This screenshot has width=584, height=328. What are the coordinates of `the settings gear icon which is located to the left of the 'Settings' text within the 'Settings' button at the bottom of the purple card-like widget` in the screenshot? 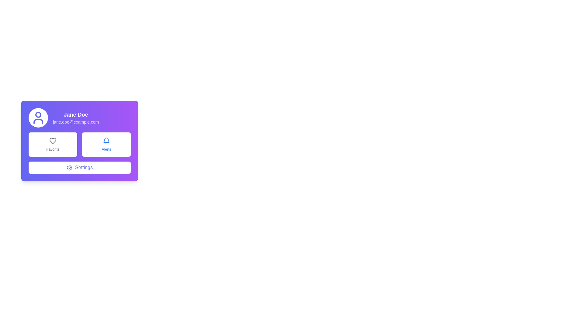 It's located at (70, 167).